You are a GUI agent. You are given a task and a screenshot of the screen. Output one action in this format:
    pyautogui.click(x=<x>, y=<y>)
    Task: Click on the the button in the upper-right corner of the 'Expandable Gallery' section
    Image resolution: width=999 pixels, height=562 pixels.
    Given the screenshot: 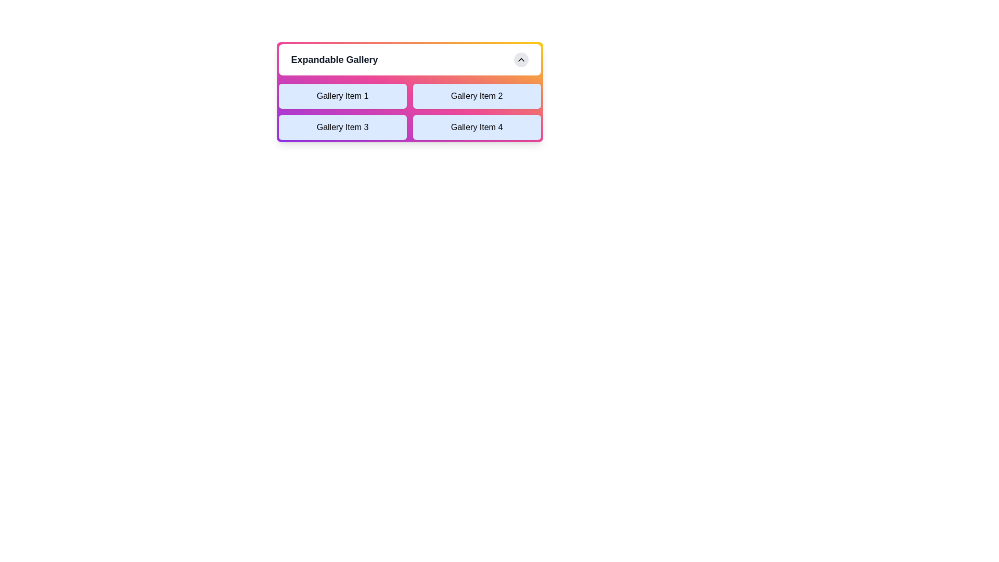 What is the action you would take?
    pyautogui.click(x=521, y=60)
    